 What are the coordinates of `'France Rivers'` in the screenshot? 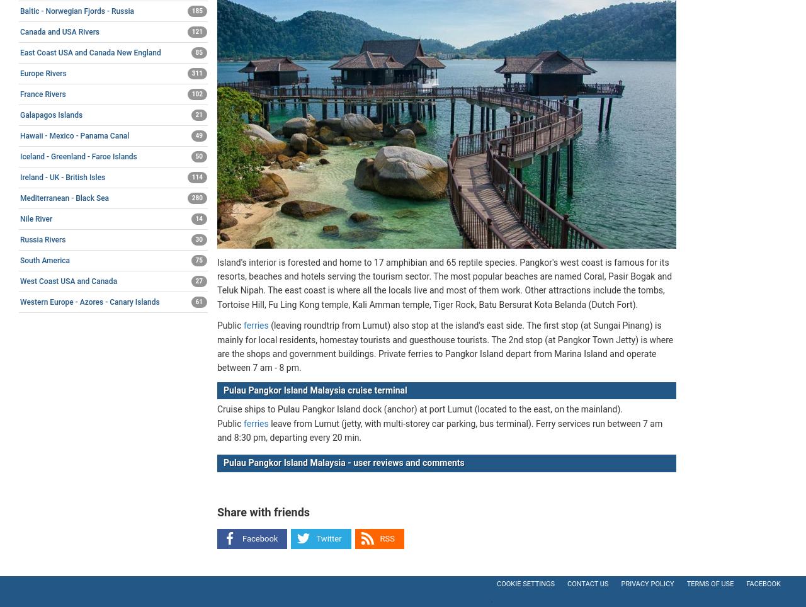 It's located at (42, 94).